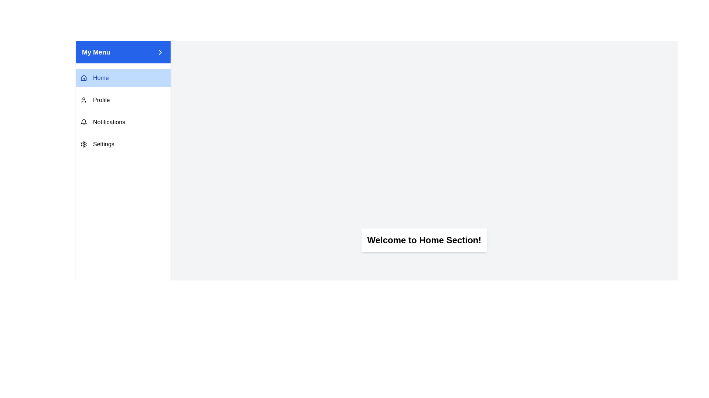  I want to click on the gear-like icon next to the 'Settings' menu item, so click(83, 144).